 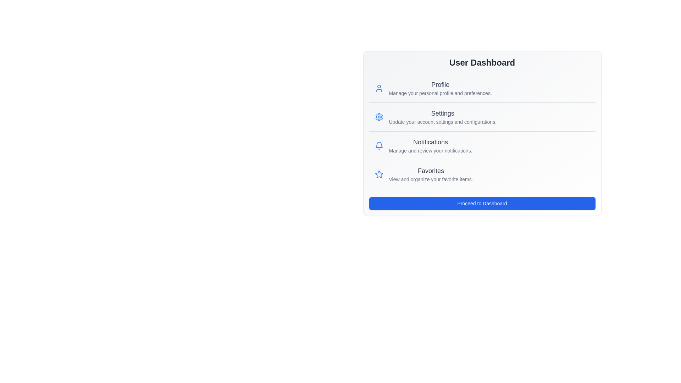 What do you see at coordinates (482, 145) in the screenshot?
I see `the third menu item in the vertical list, titled 'Notifications', to highlight it` at bounding box center [482, 145].